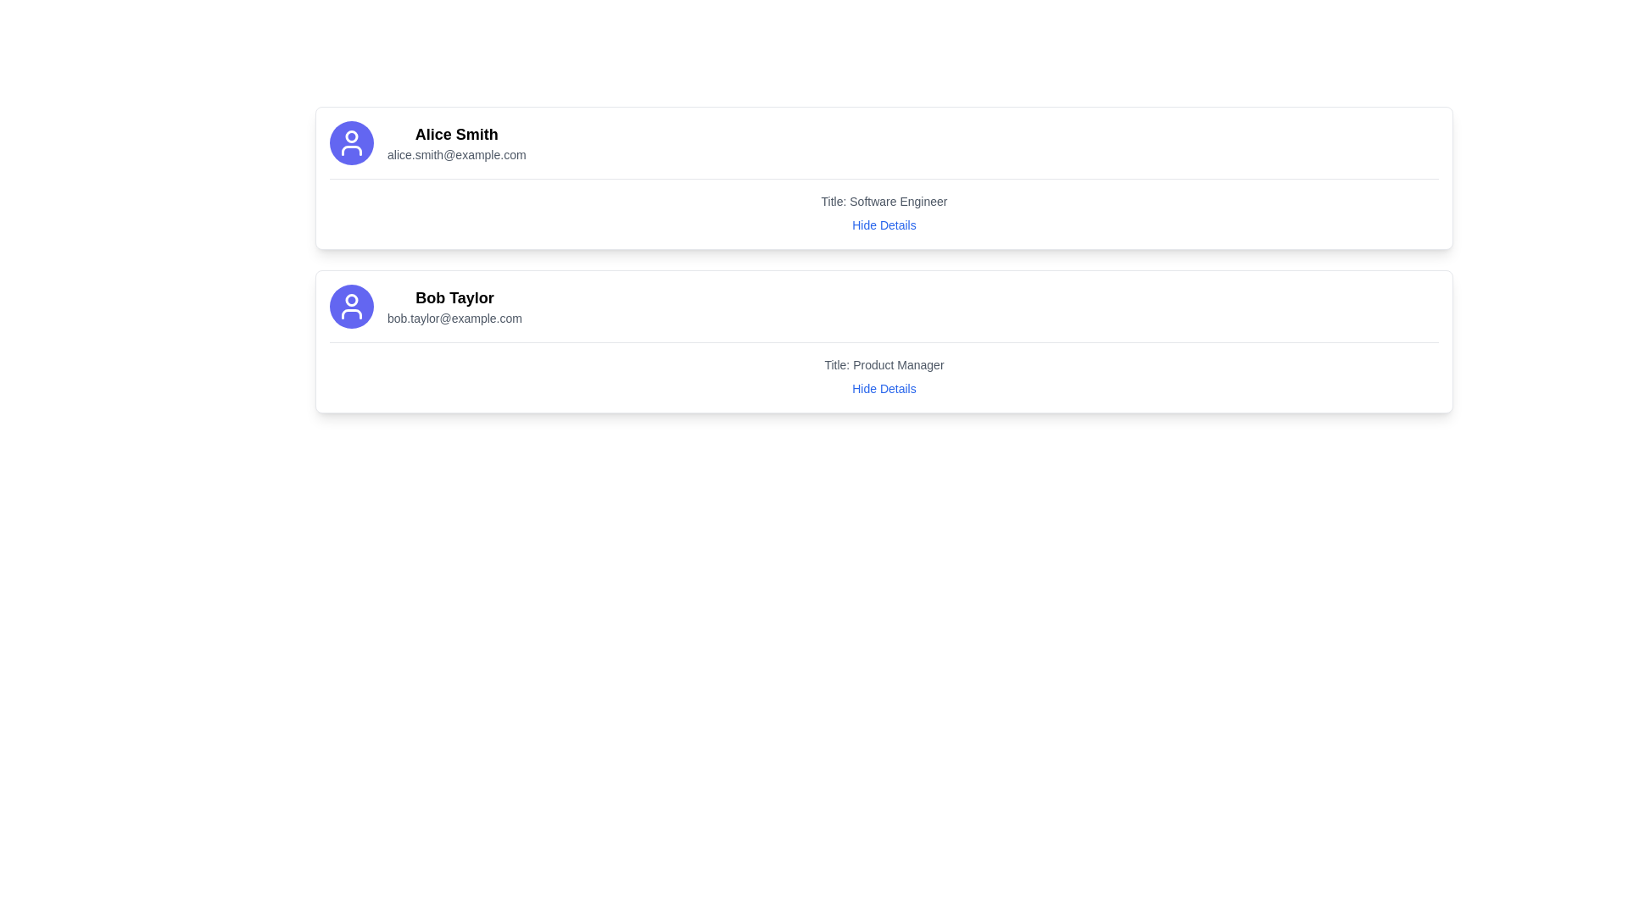  What do you see at coordinates (350, 142) in the screenshot?
I see `the human silhouette SVG icon with a white color on a blue circular background, located at the top-left corner of the card layout adjacent to 'Alice Smith.'` at bounding box center [350, 142].